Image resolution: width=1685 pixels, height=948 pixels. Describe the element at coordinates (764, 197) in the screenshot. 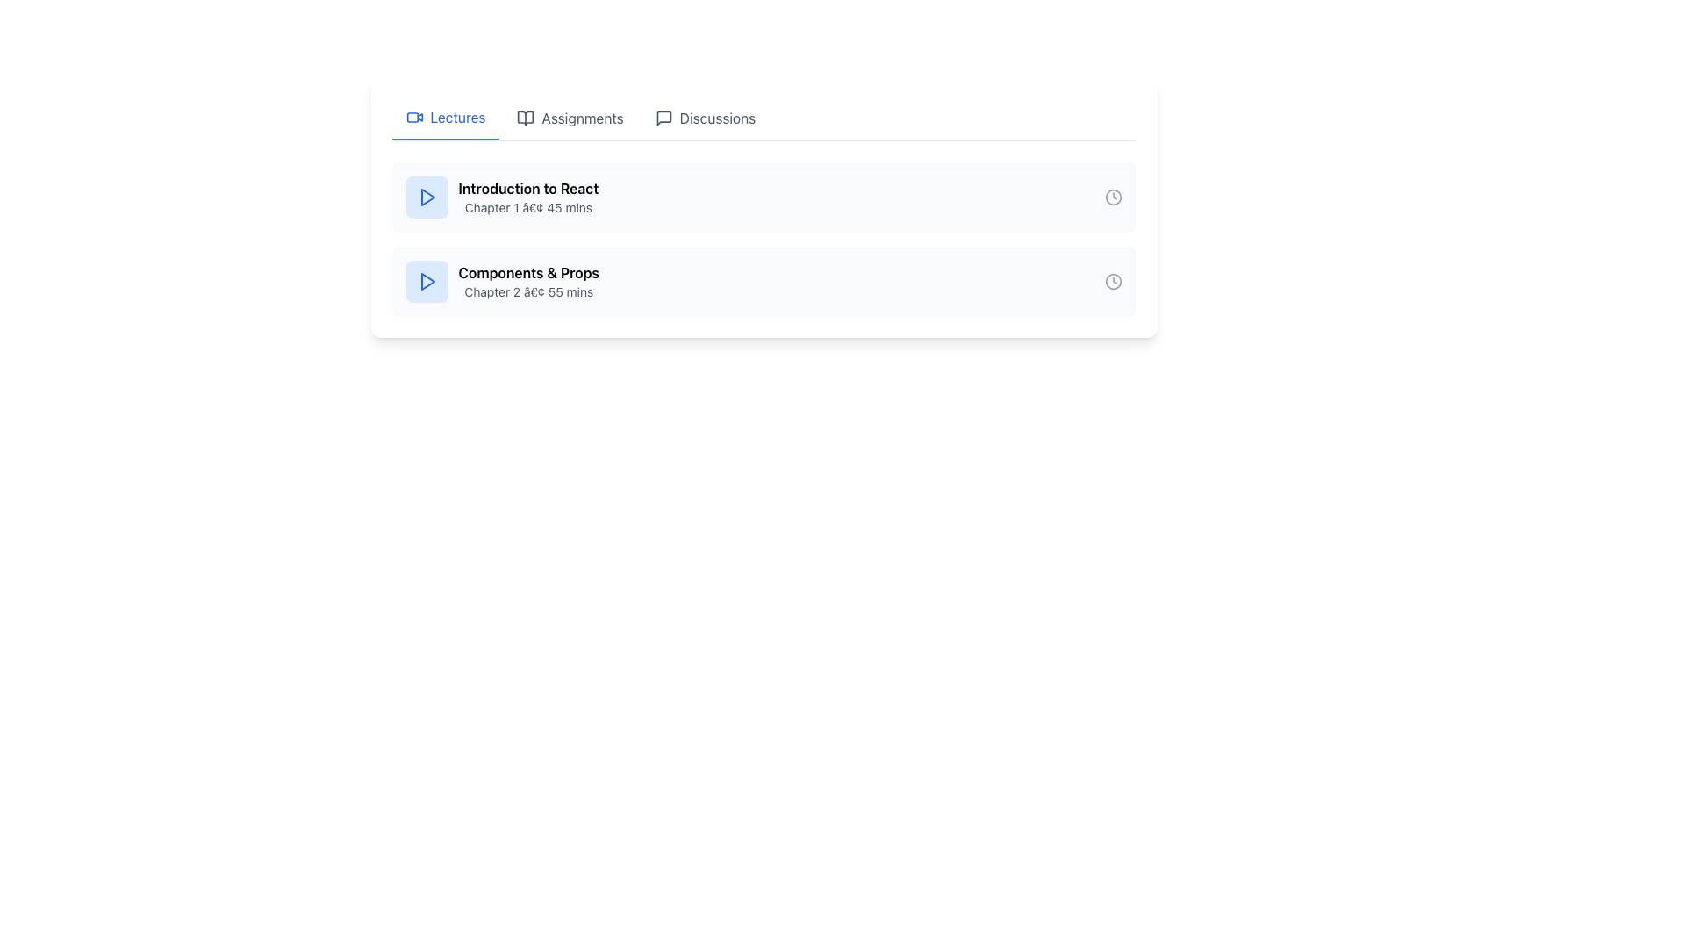

I see `the first entry of the chapter list that provides the title and details of a specific chapter of a course or tutorial` at that location.